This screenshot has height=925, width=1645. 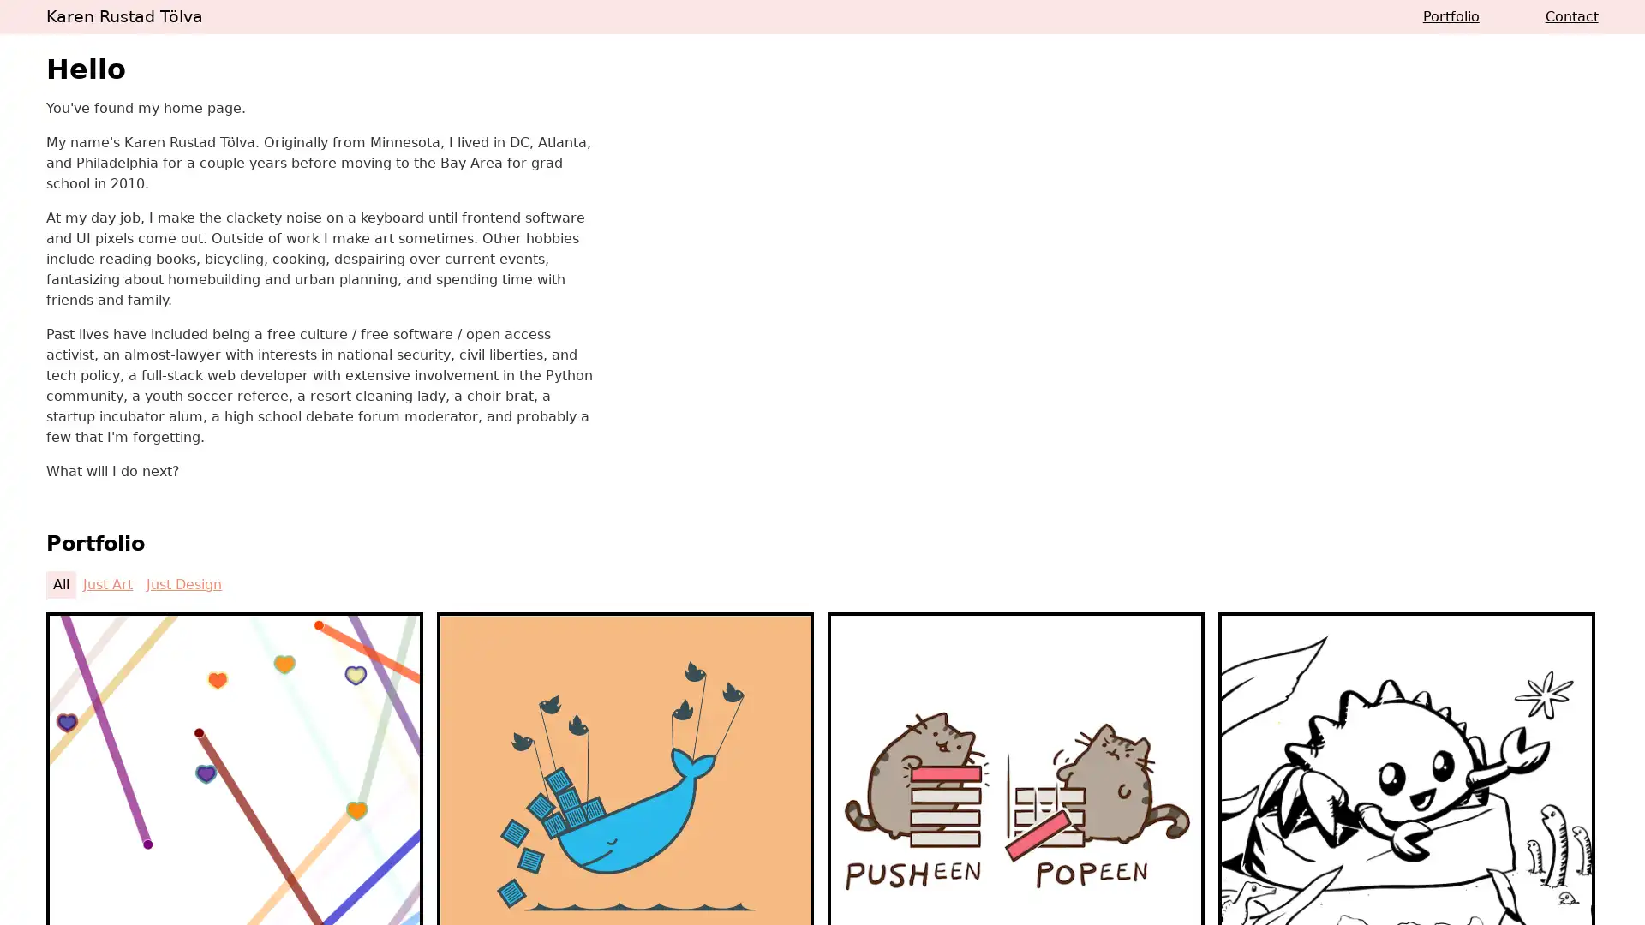 I want to click on Just Art, so click(x=106, y=583).